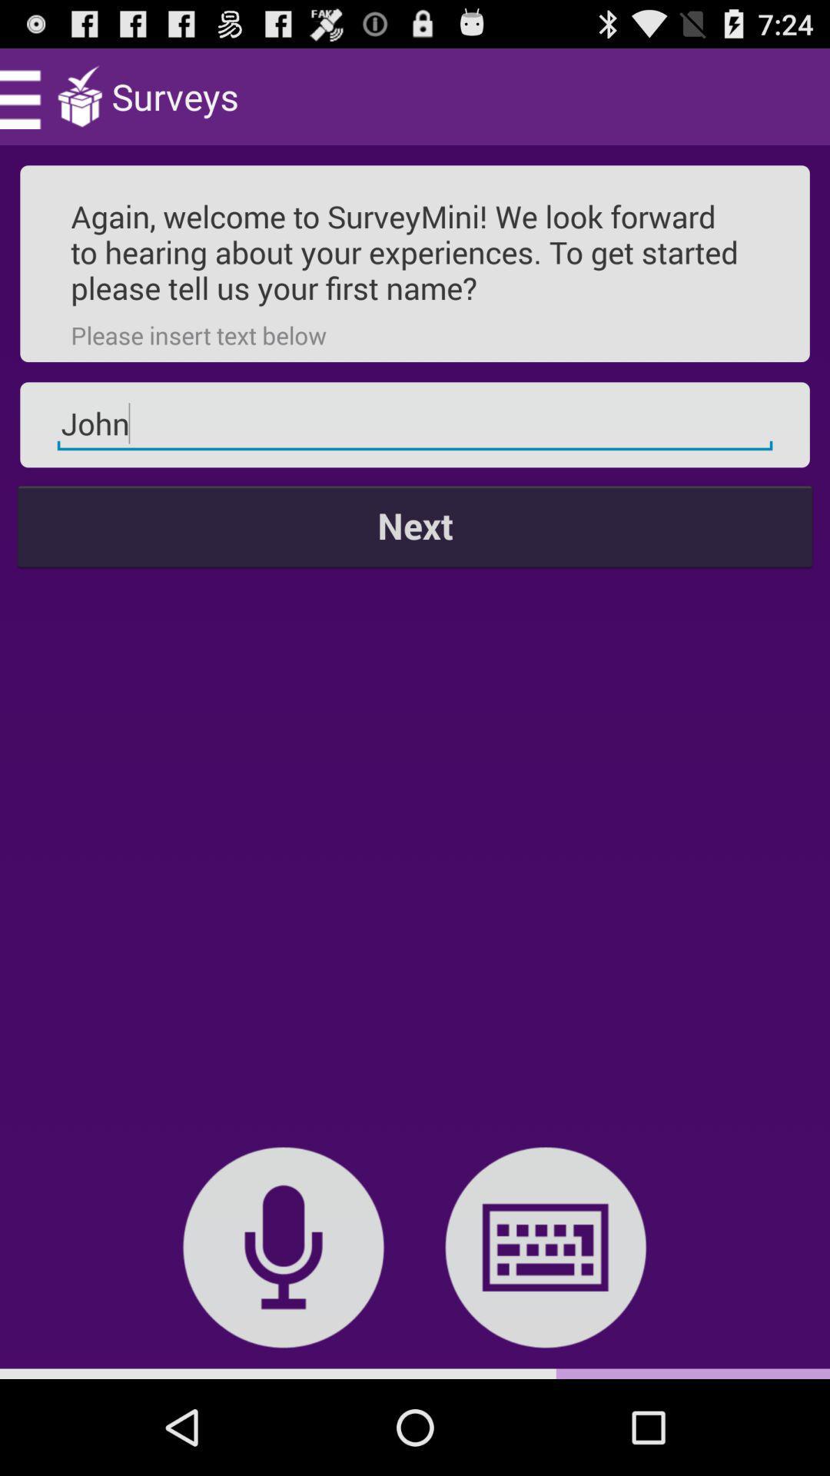 The image size is (830, 1476). Describe the element at coordinates (415, 424) in the screenshot. I see `the john icon` at that location.